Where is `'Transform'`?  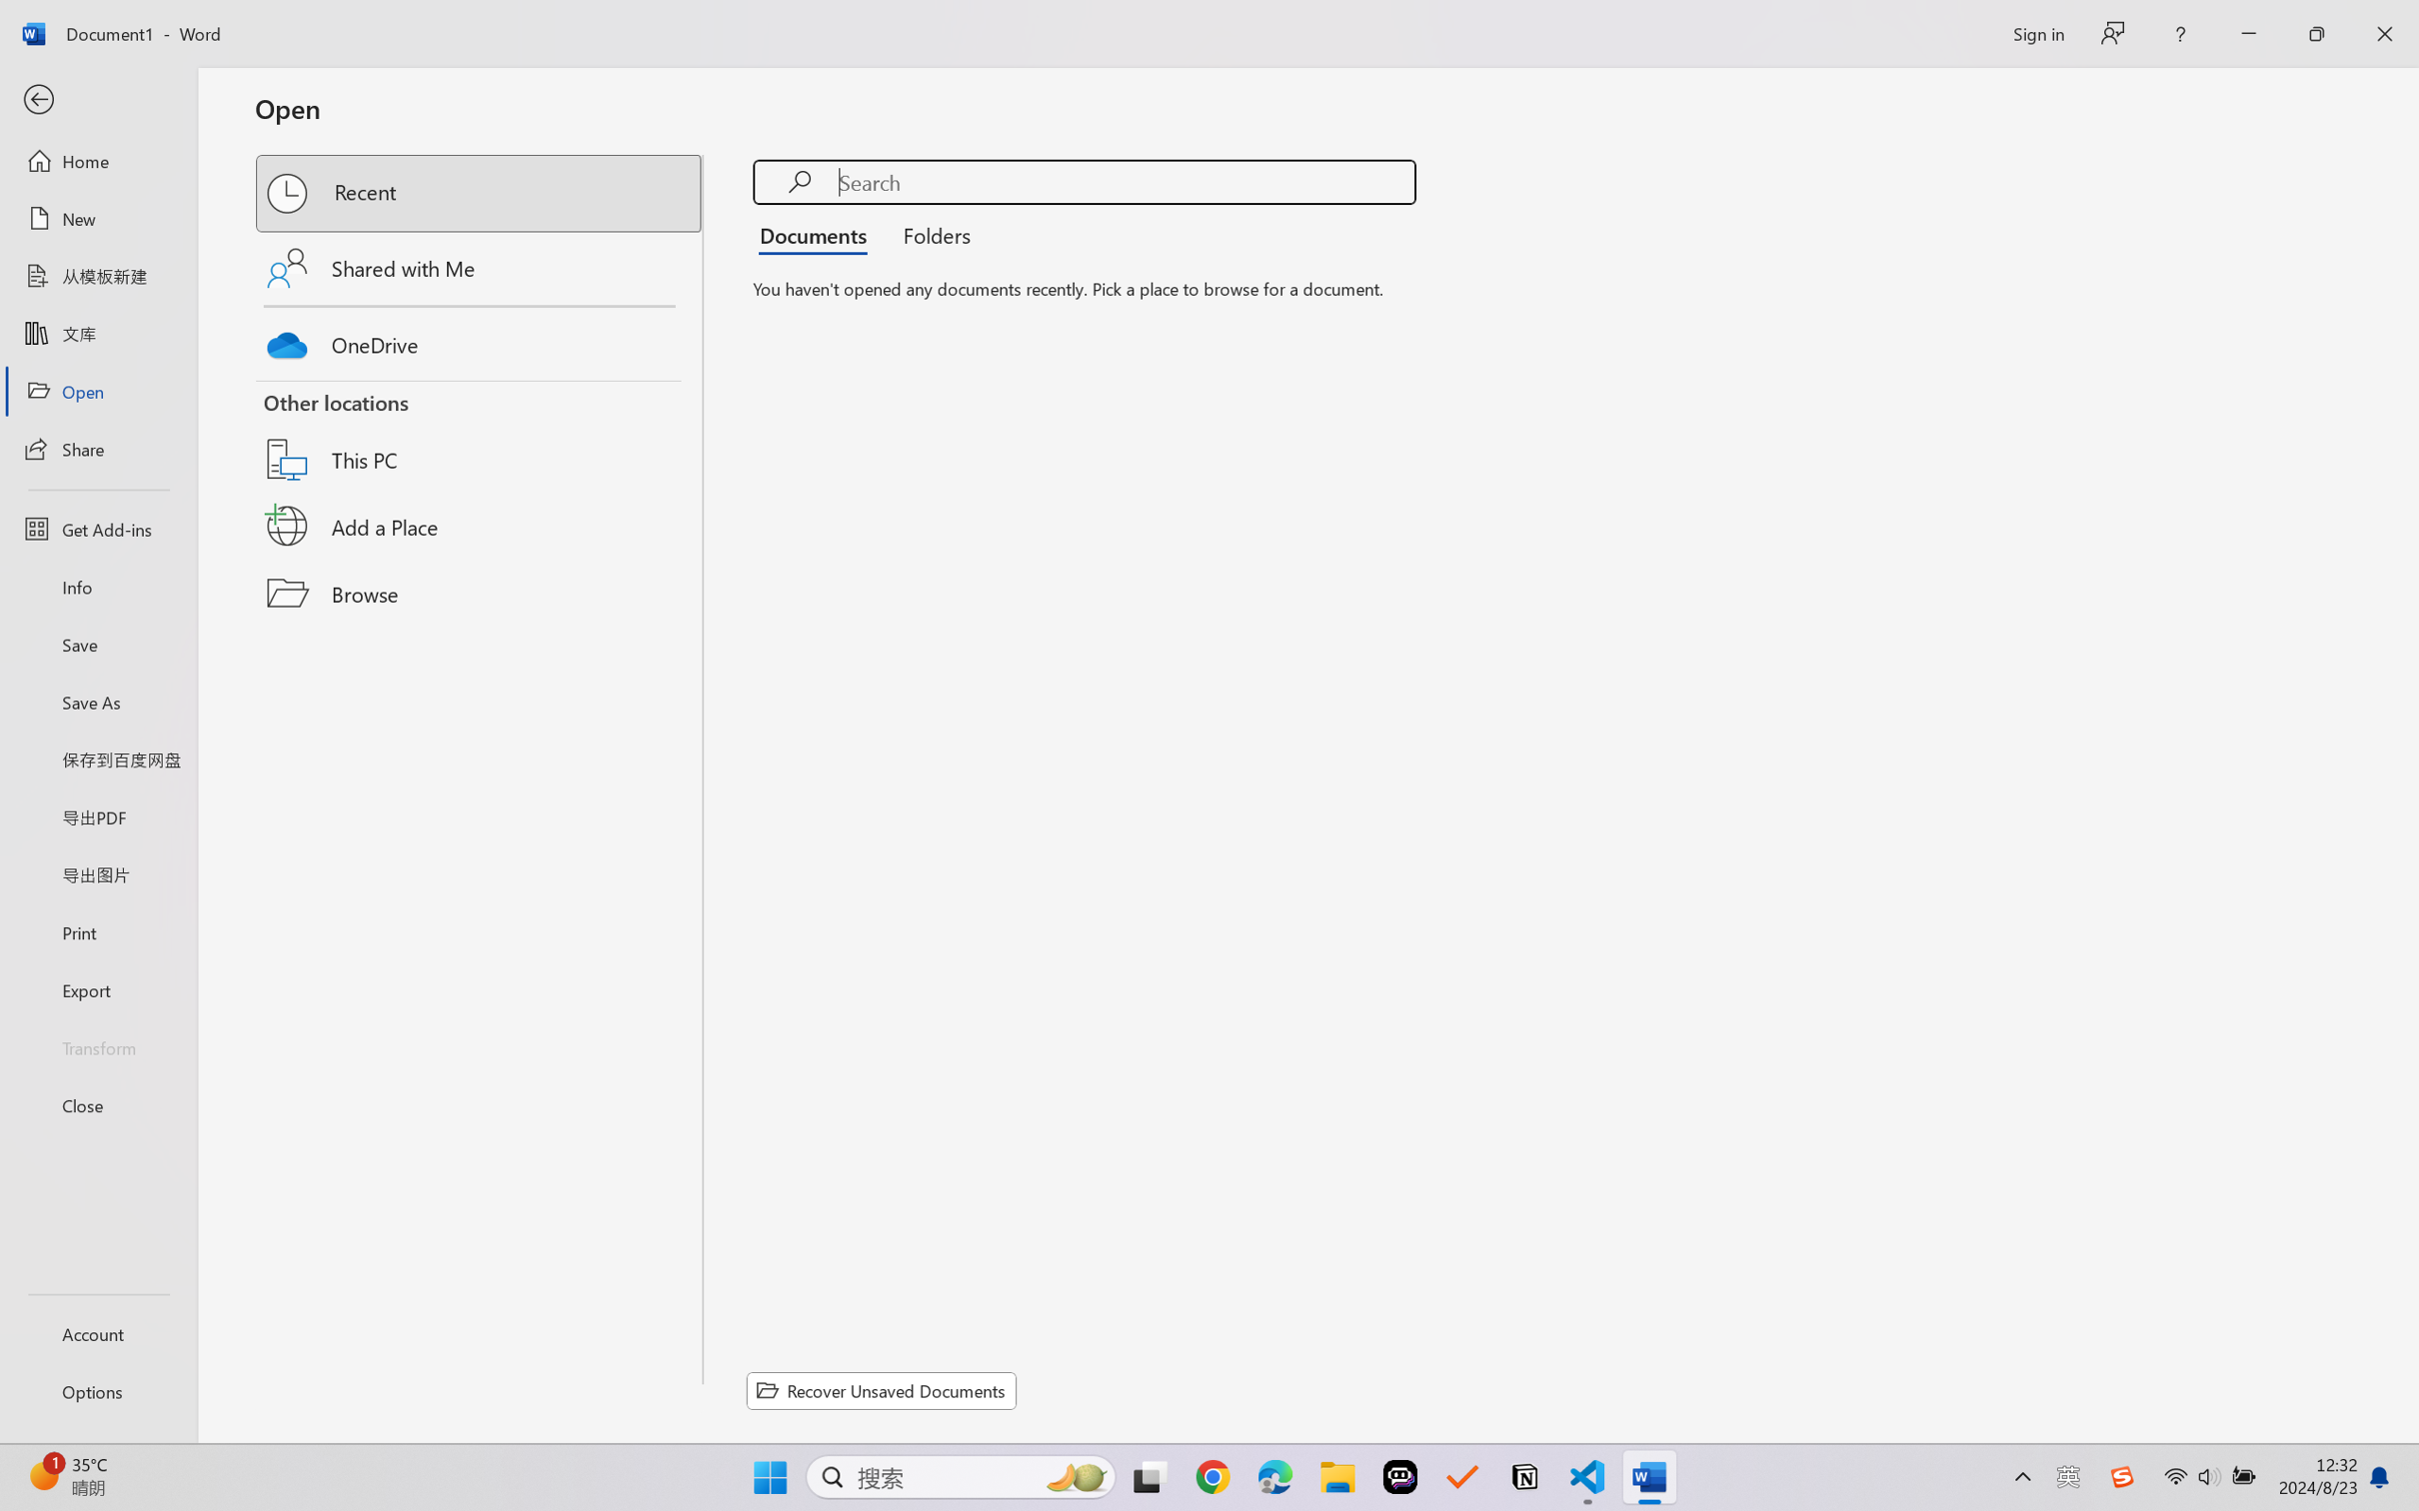 'Transform' is located at coordinates (97, 1045).